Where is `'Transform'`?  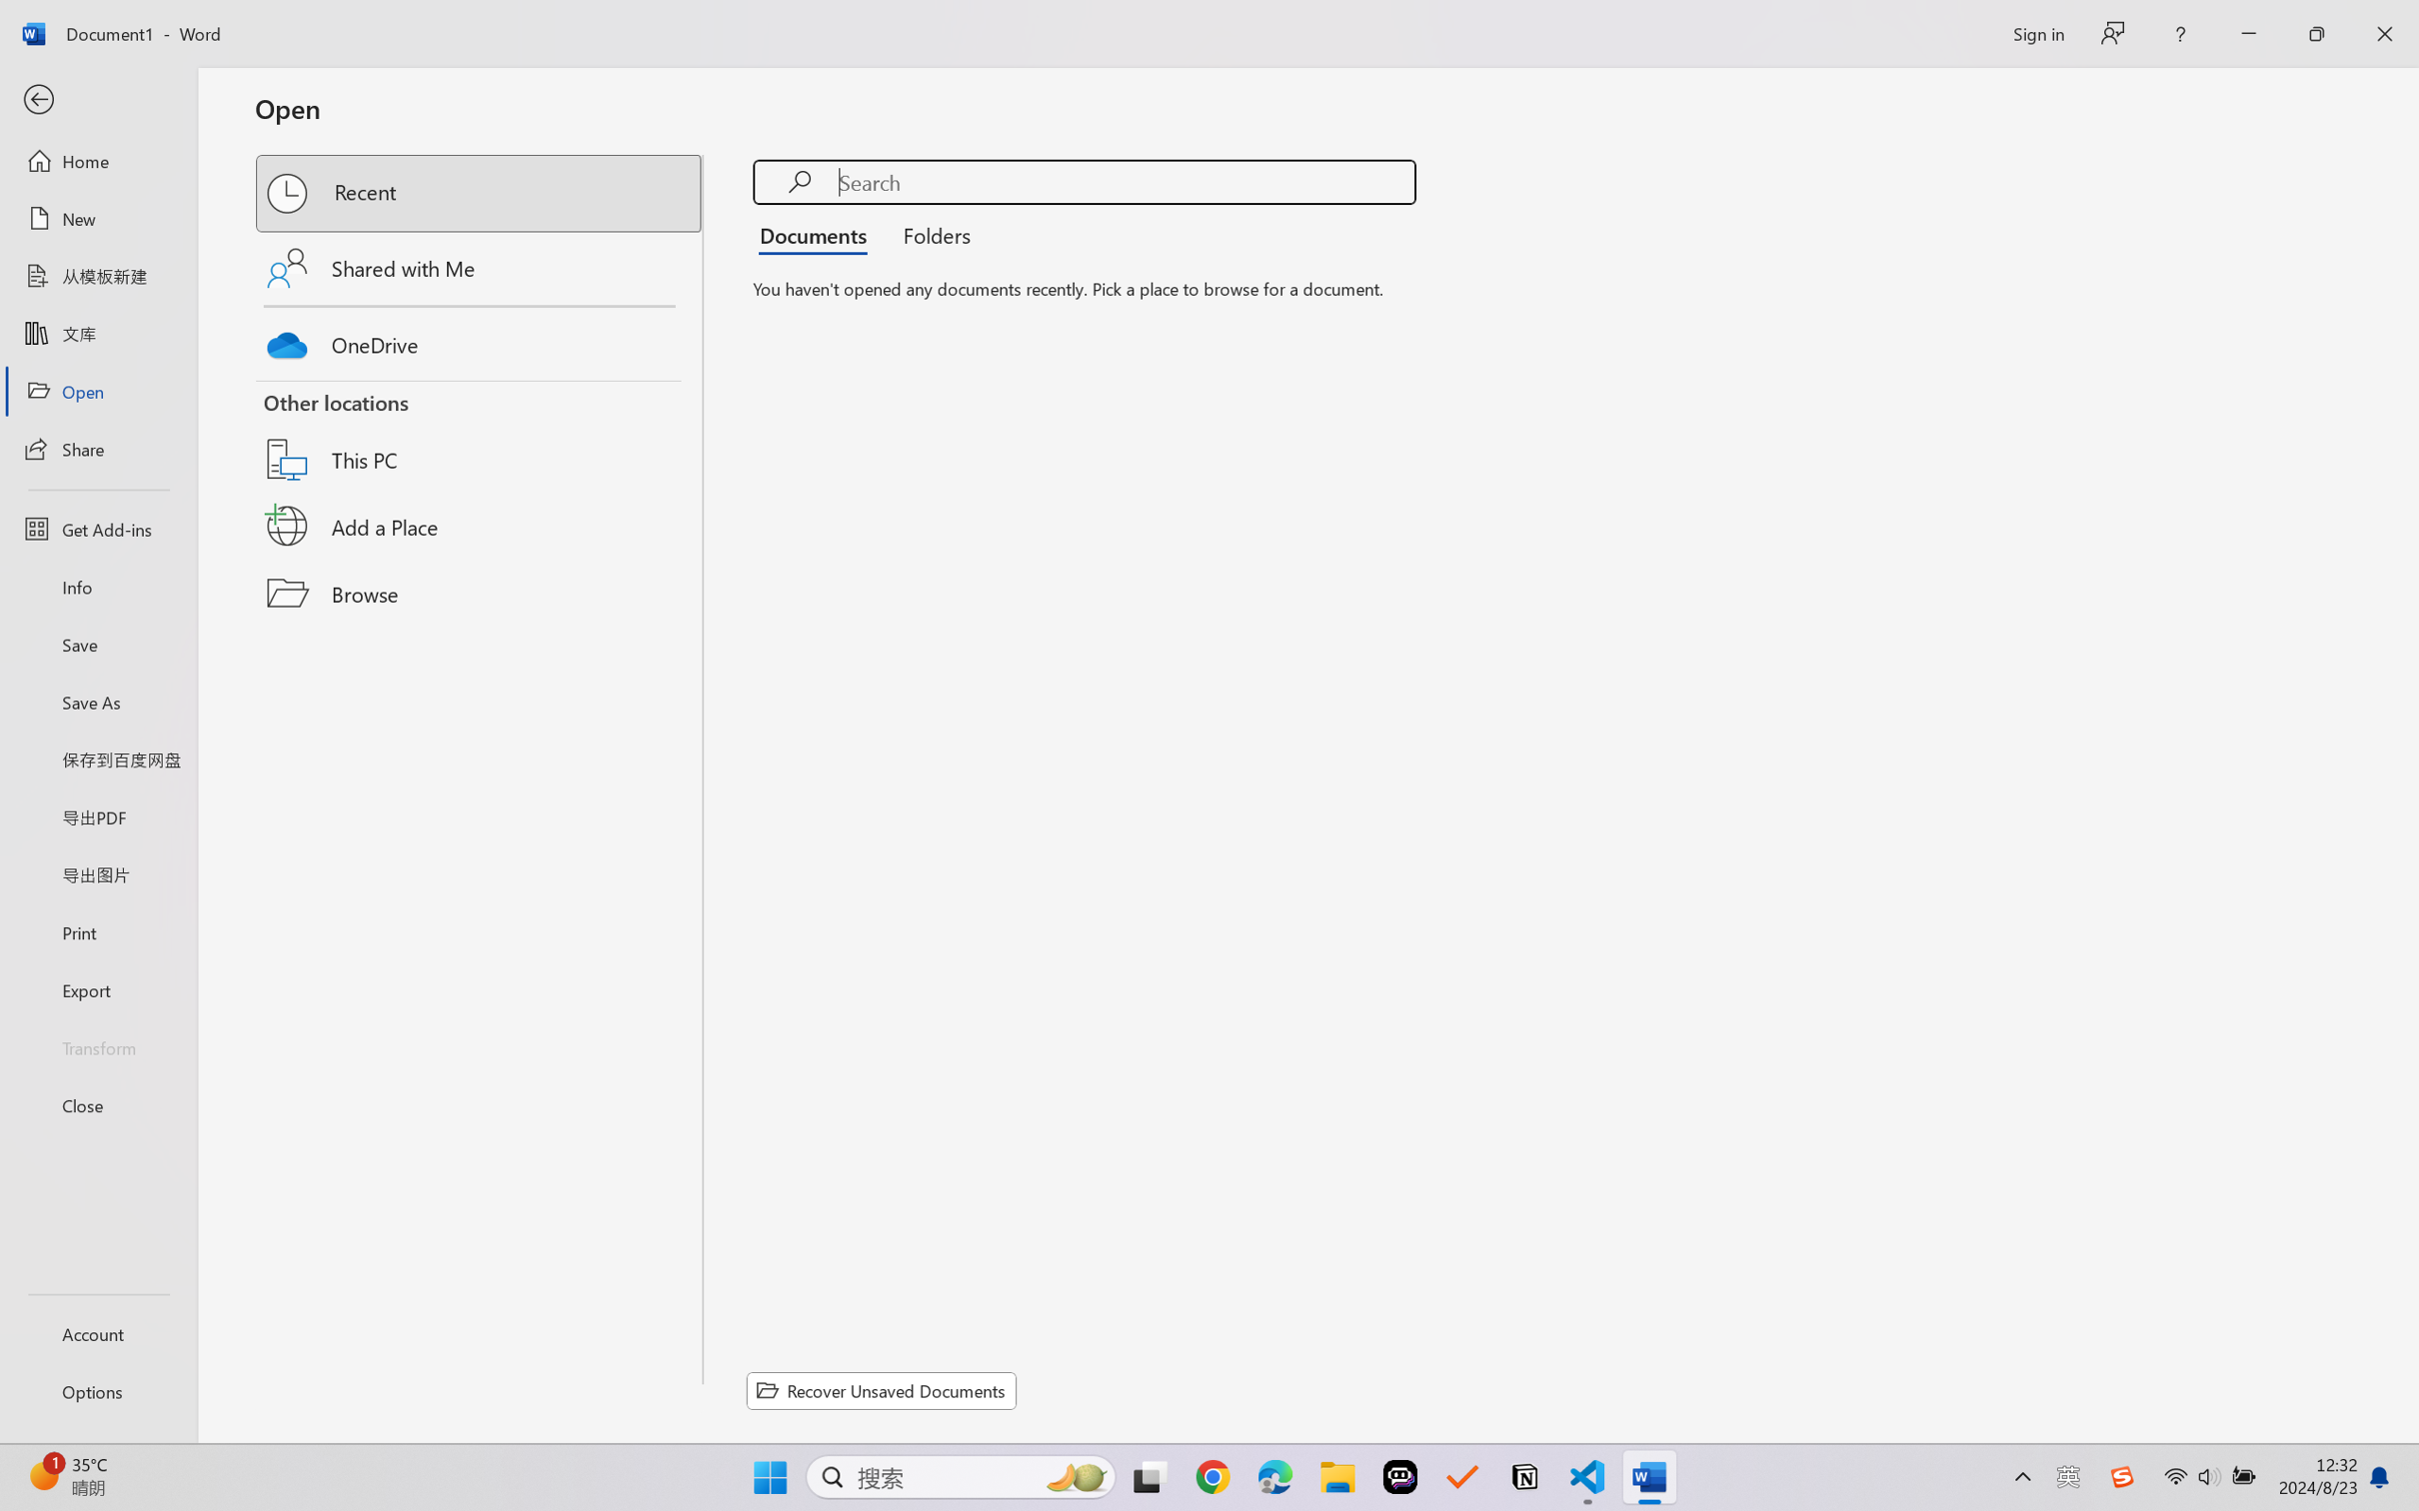 'Transform' is located at coordinates (97, 1045).